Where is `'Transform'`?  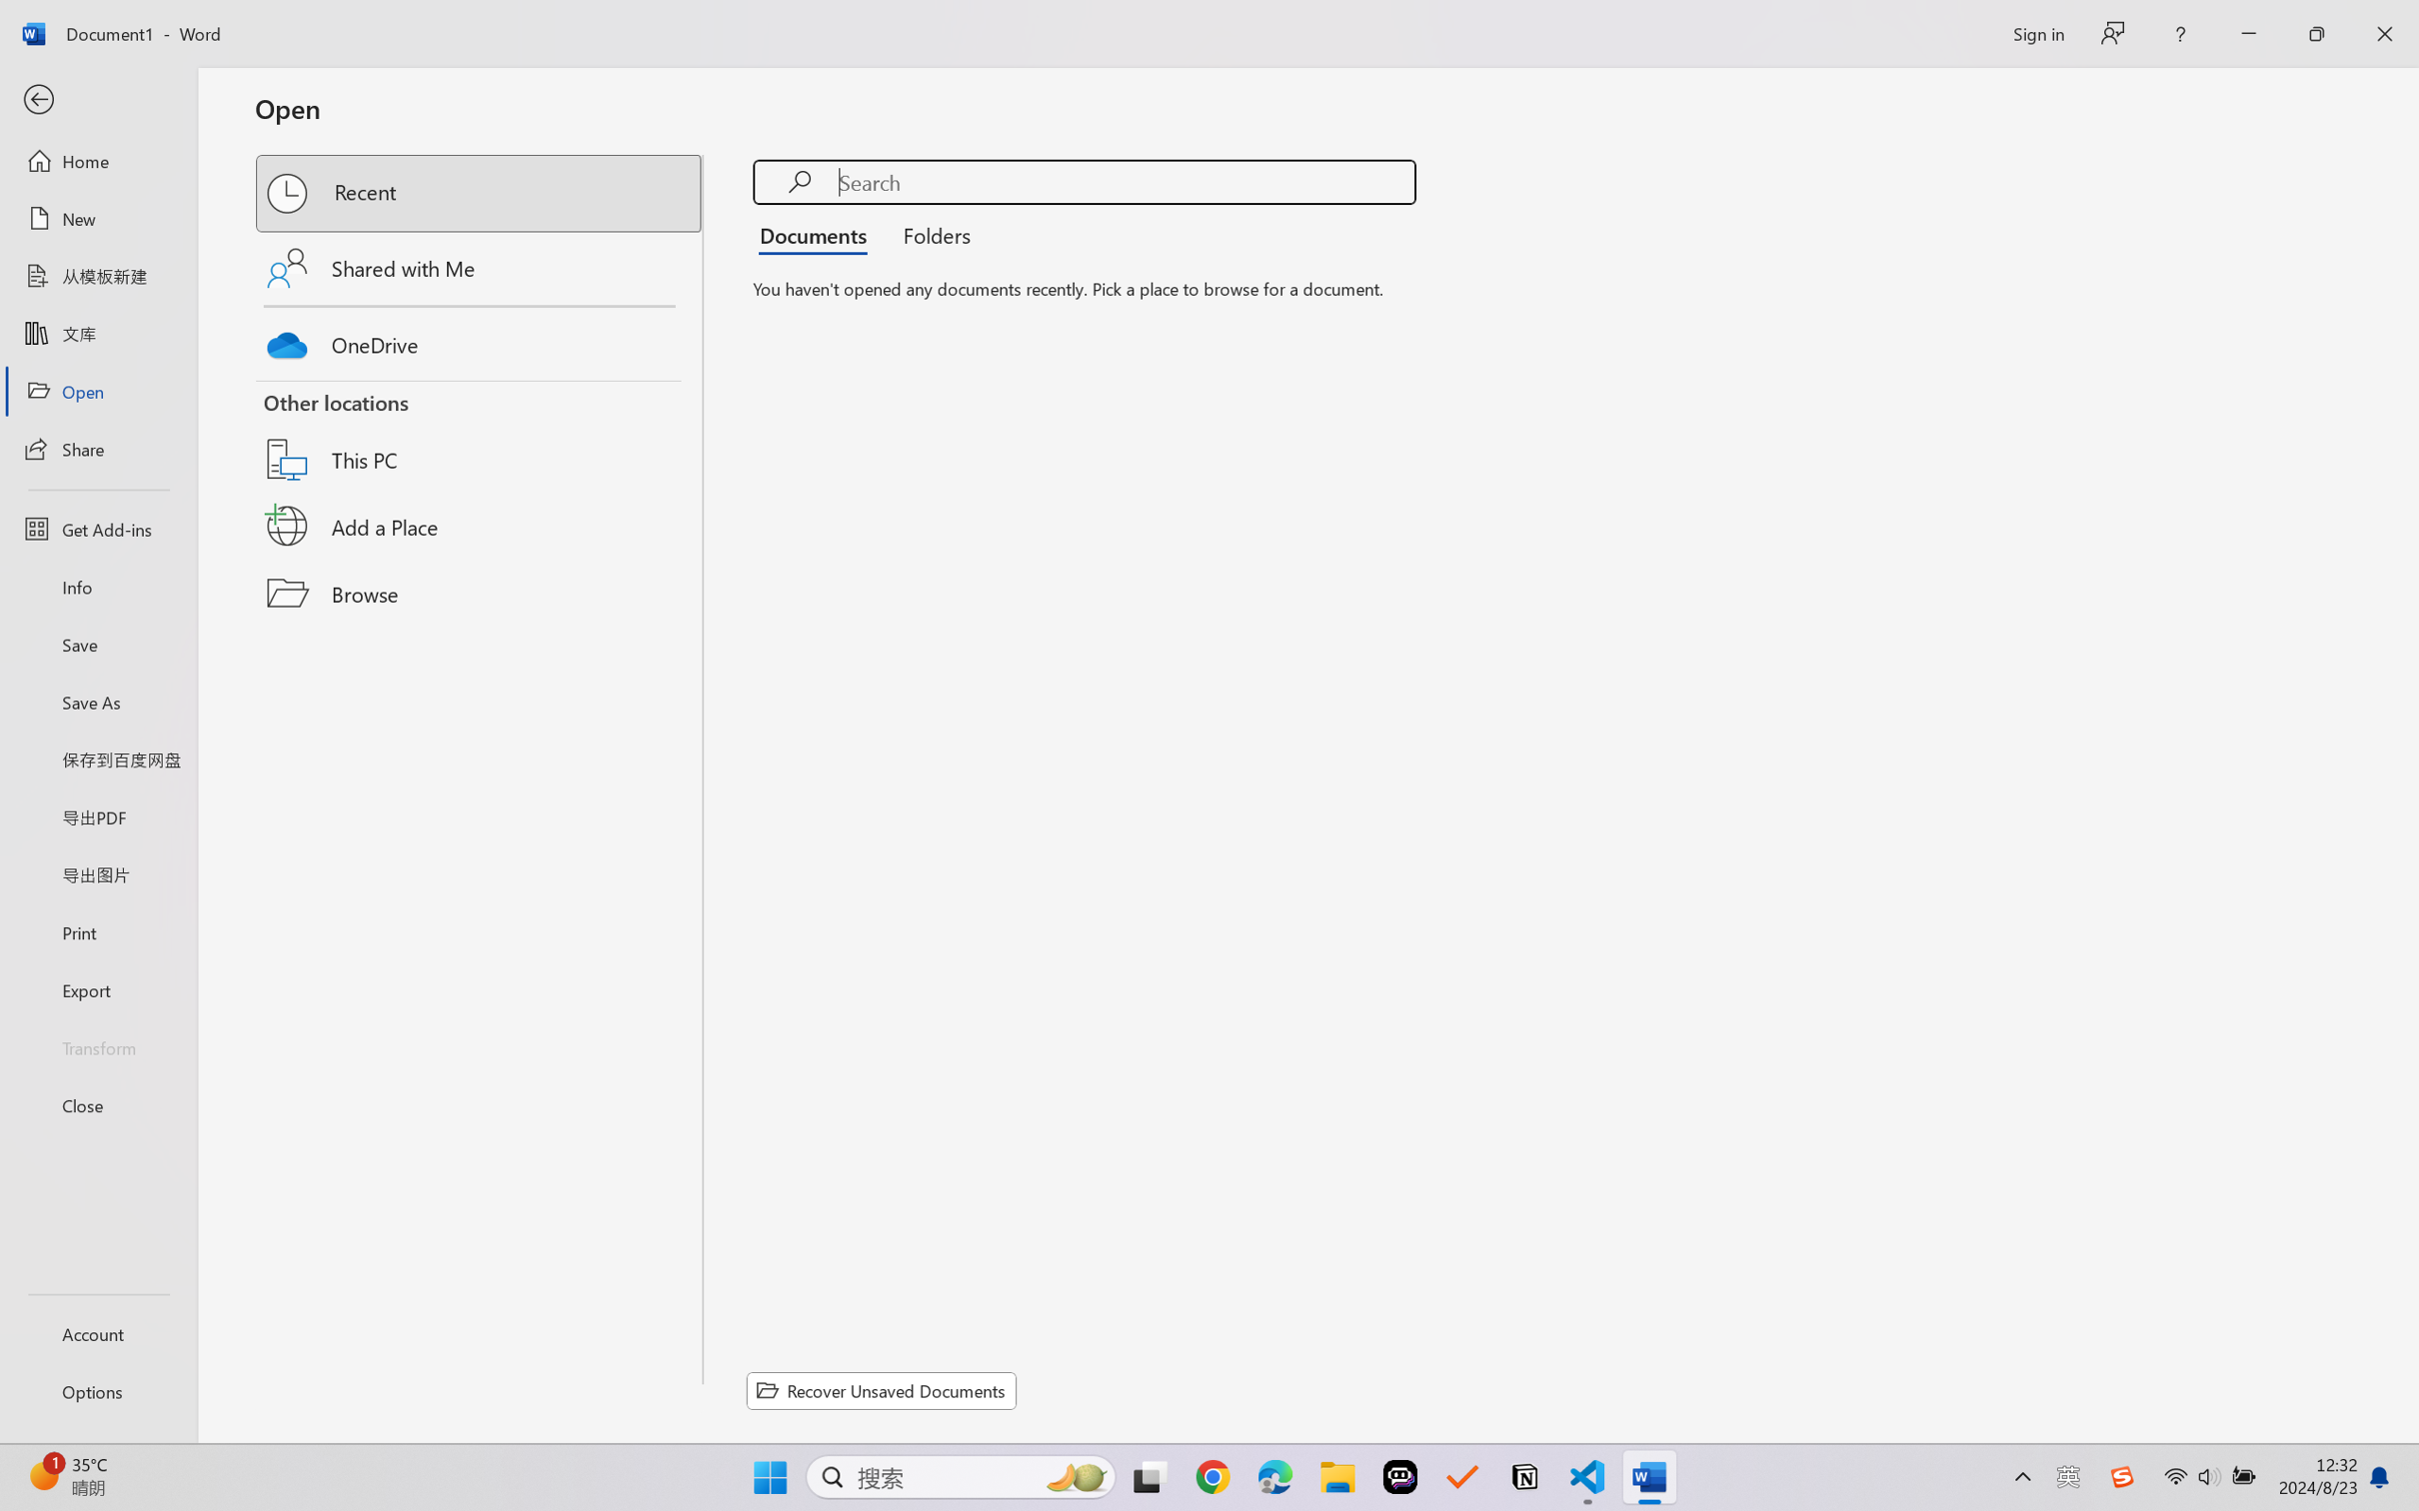 'Transform' is located at coordinates (97, 1045).